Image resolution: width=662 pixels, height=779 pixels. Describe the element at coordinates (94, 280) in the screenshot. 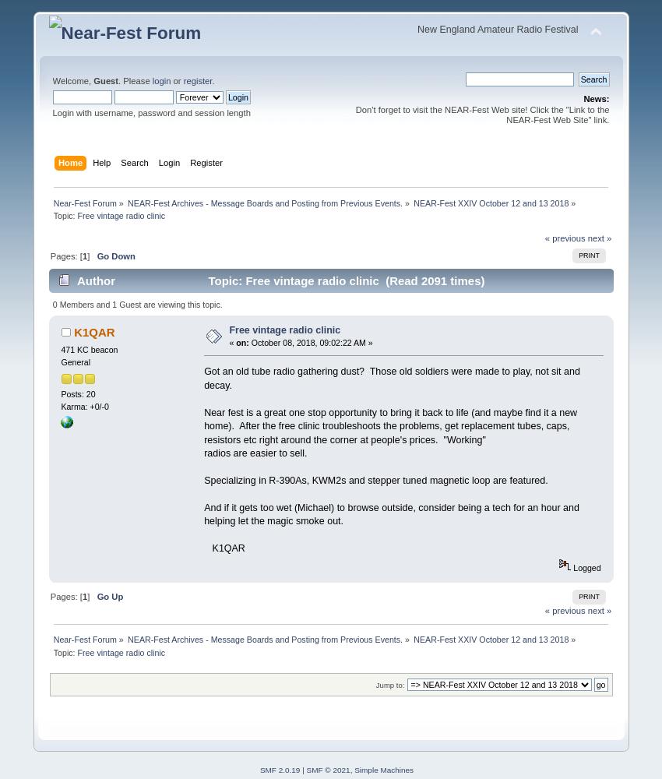

I see `'Author'` at that location.